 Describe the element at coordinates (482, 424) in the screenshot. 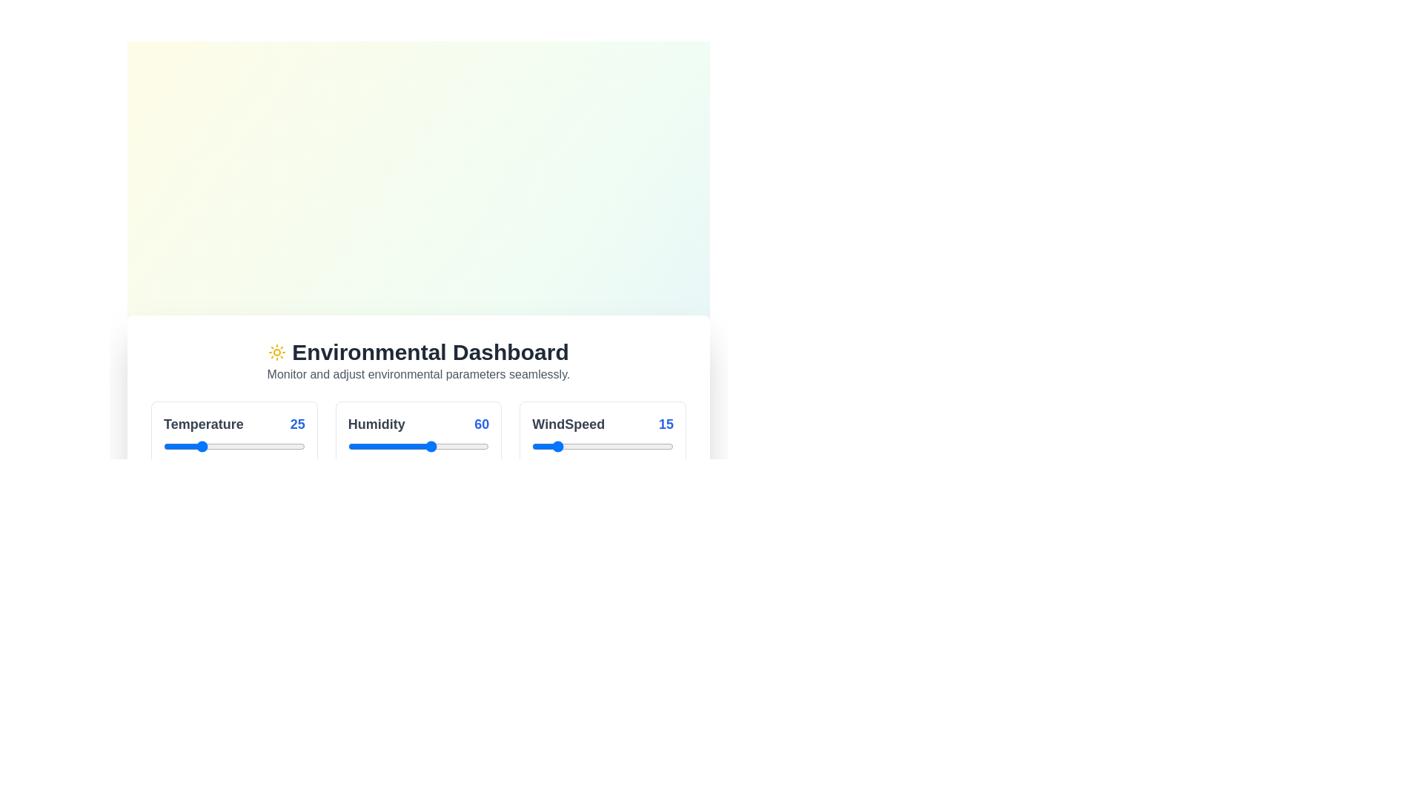

I see `the text label displaying the current humidity level of '60', which is located to the right of the 'Humidity' text in the environmental dashboard` at that location.